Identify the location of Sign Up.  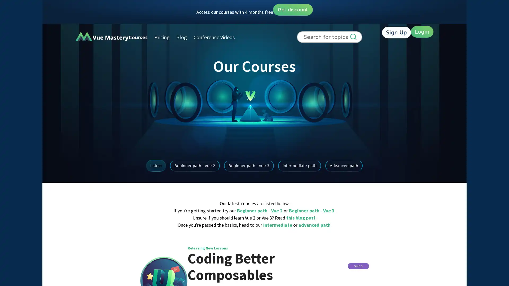
(383, 37).